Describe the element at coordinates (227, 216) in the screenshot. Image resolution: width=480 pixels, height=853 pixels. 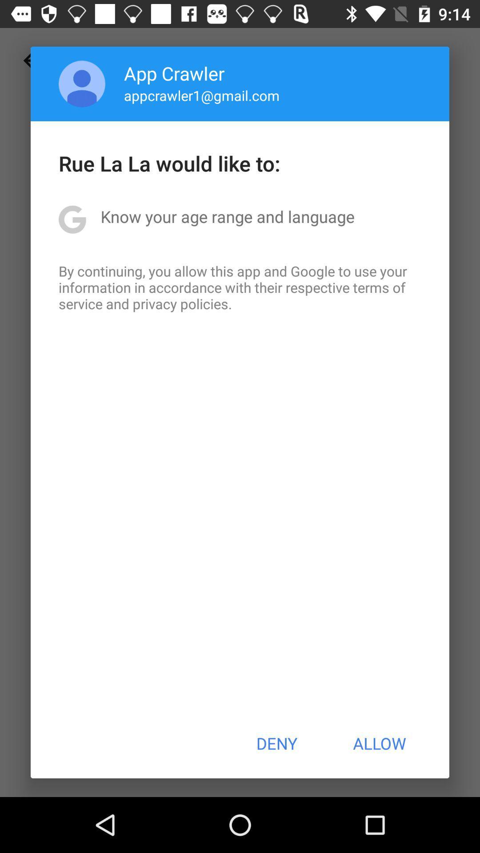
I see `the app below the rue la la app` at that location.